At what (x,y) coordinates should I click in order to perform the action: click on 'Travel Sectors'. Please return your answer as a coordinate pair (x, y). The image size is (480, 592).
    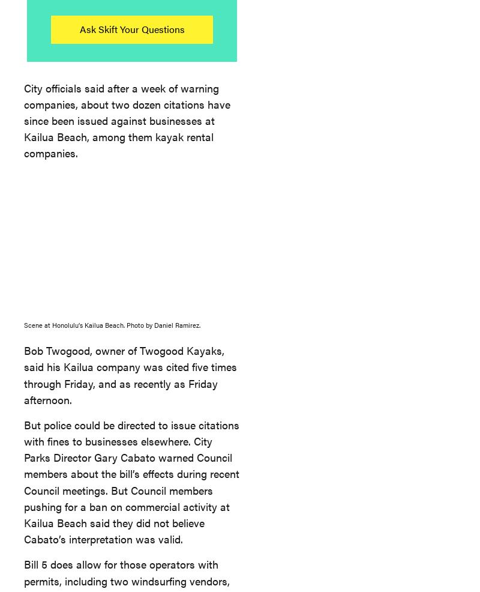
    Looking at the image, I should click on (136, 134).